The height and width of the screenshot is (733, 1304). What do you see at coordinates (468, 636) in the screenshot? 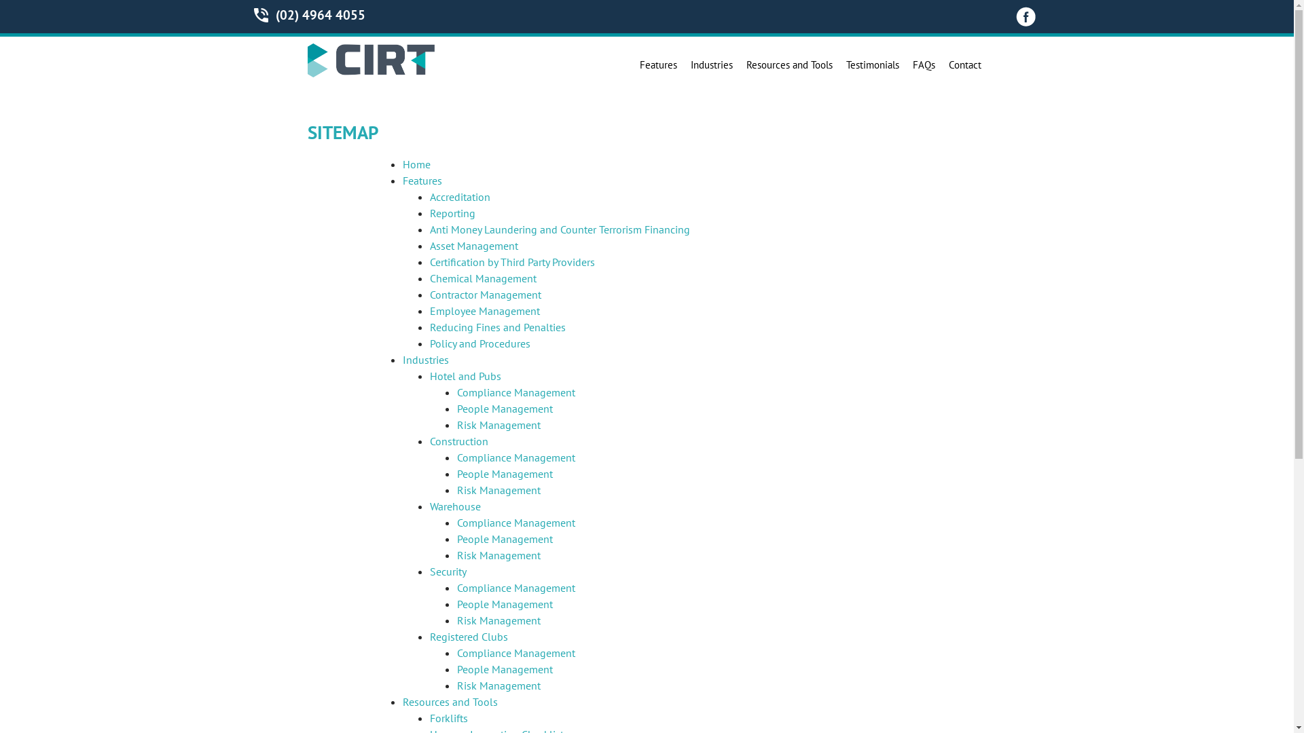
I see `'Registered Clubs'` at bounding box center [468, 636].